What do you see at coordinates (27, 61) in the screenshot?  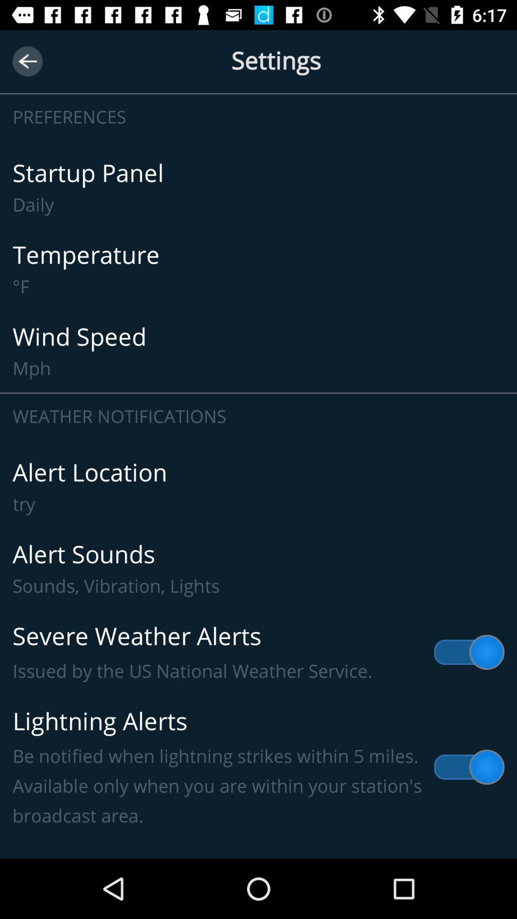 I see `the button beside settings` at bounding box center [27, 61].